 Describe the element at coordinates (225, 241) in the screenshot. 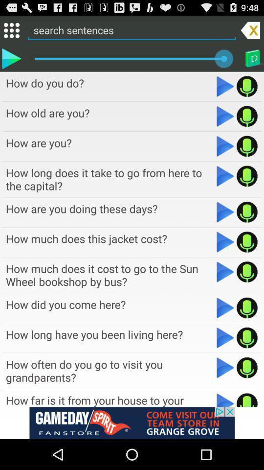

I see `listen to 'how much does this jacket cost` at that location.